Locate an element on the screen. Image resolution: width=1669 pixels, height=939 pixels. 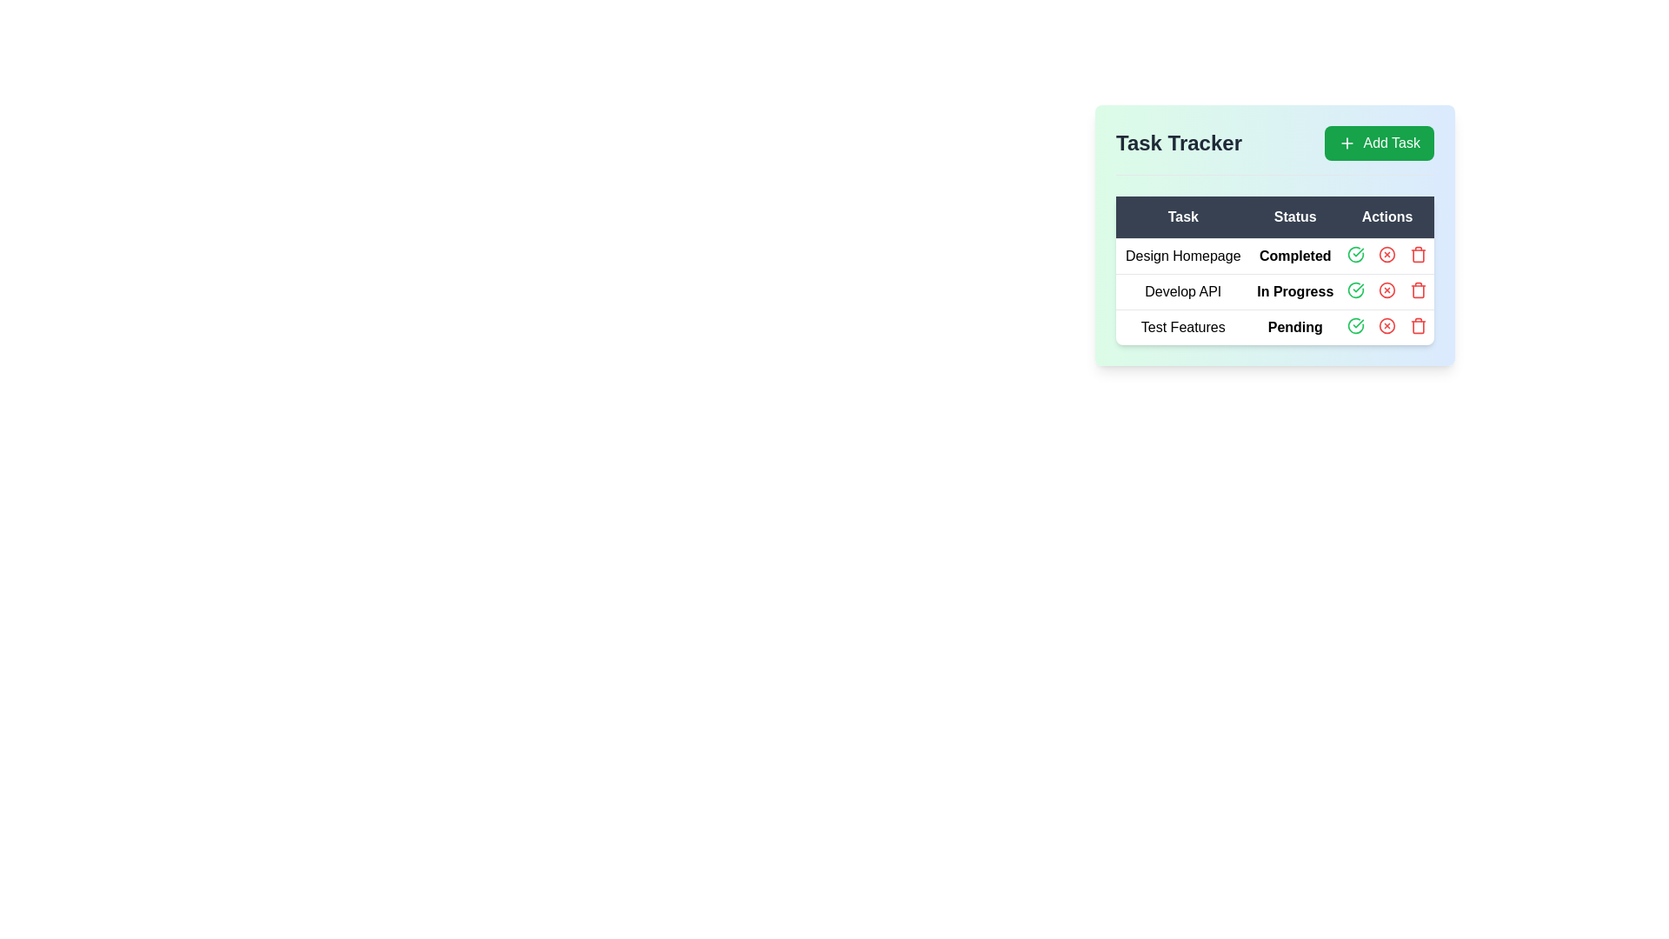
the green checkmark icon in the 'Actions' column of the 'Test Features' row in the 'Task Tracker' table is located at coordinates (1355, 325).